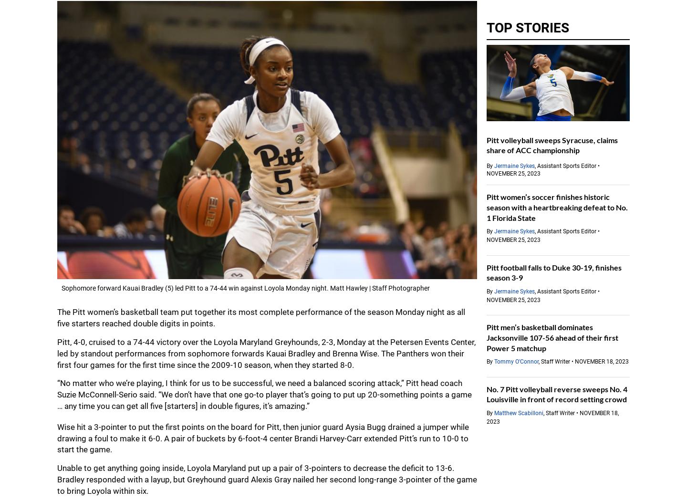 The image size is (687, 501). What do you see at coordinates (264, 394) in the screenshot?
I see `'“No matter who we’re playing, I think for us to be successful, we need a balanced scoring attack,” Pitt head coach Suzie McConnell-Serio said. “We don’t have that one go-to player that’s going to put up 20-something points a game … any time you can get all five [starters] in double figures, it’s amazing.”'` at bounding box center [264, 394].